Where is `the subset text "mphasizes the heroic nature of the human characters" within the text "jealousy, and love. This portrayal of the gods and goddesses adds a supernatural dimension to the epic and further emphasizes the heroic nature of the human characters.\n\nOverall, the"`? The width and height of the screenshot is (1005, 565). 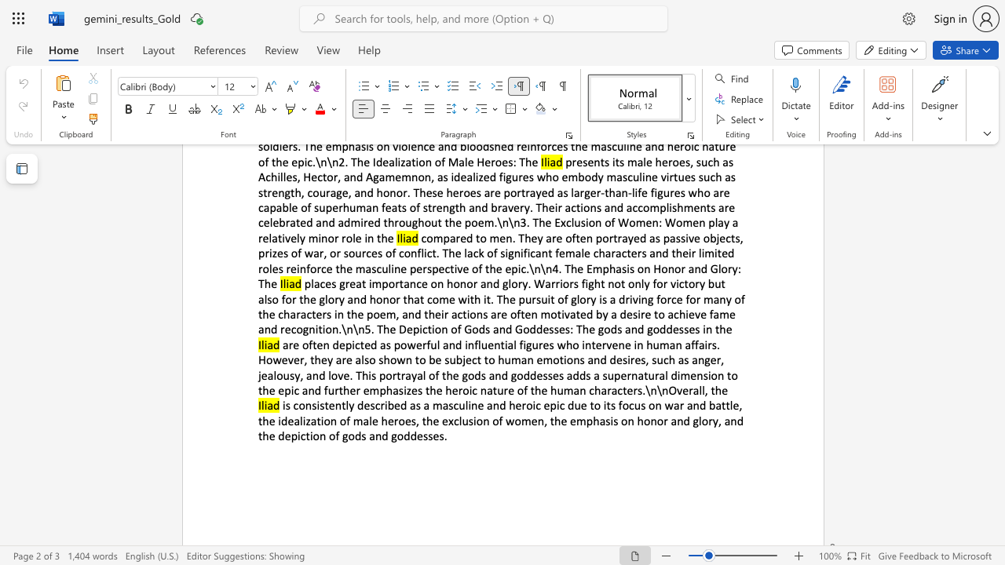 the subset text "mphasizes the heroic nature of the human characters" within the text "jealousy, and love. This portrayal of the gods and goddesses adds a supernatural dimension to the epic and further emphasizes the heroic nature of the human characters.\n\nOverall, the" is located at coordinates (368, 389).